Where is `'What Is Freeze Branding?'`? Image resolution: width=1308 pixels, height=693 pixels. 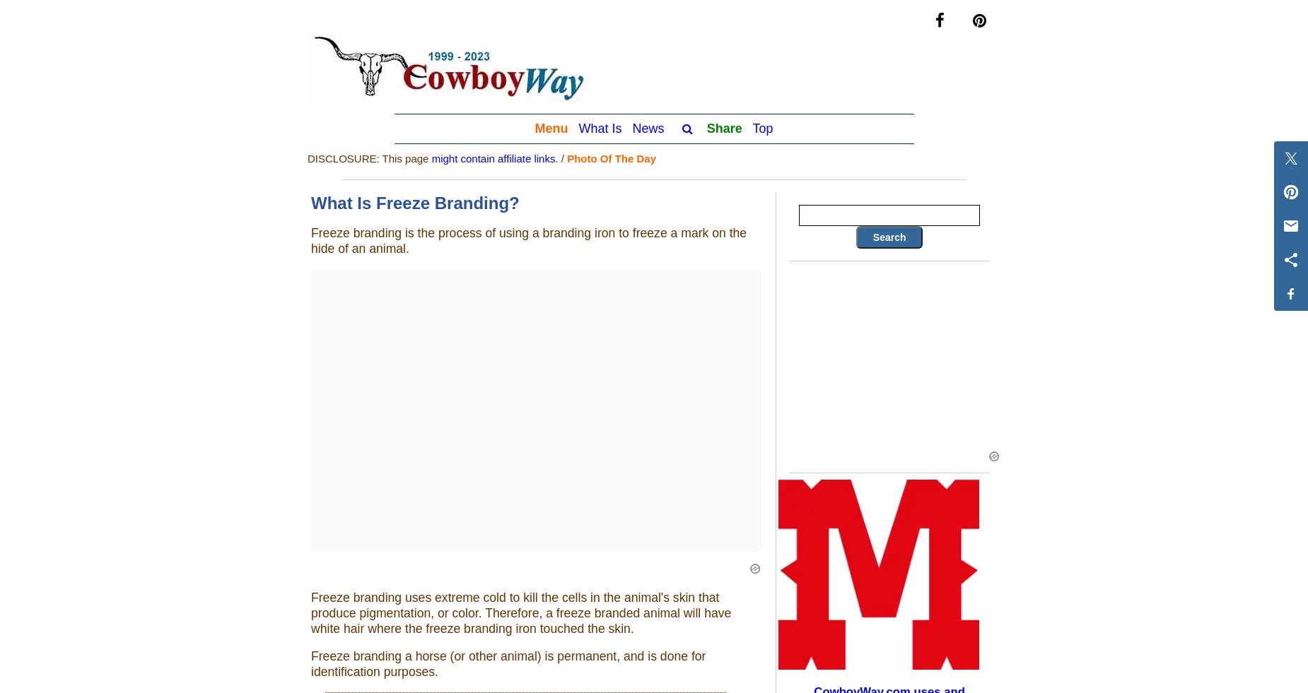
'What Is Freeze Branding?' is located at coordinates (415, 202).